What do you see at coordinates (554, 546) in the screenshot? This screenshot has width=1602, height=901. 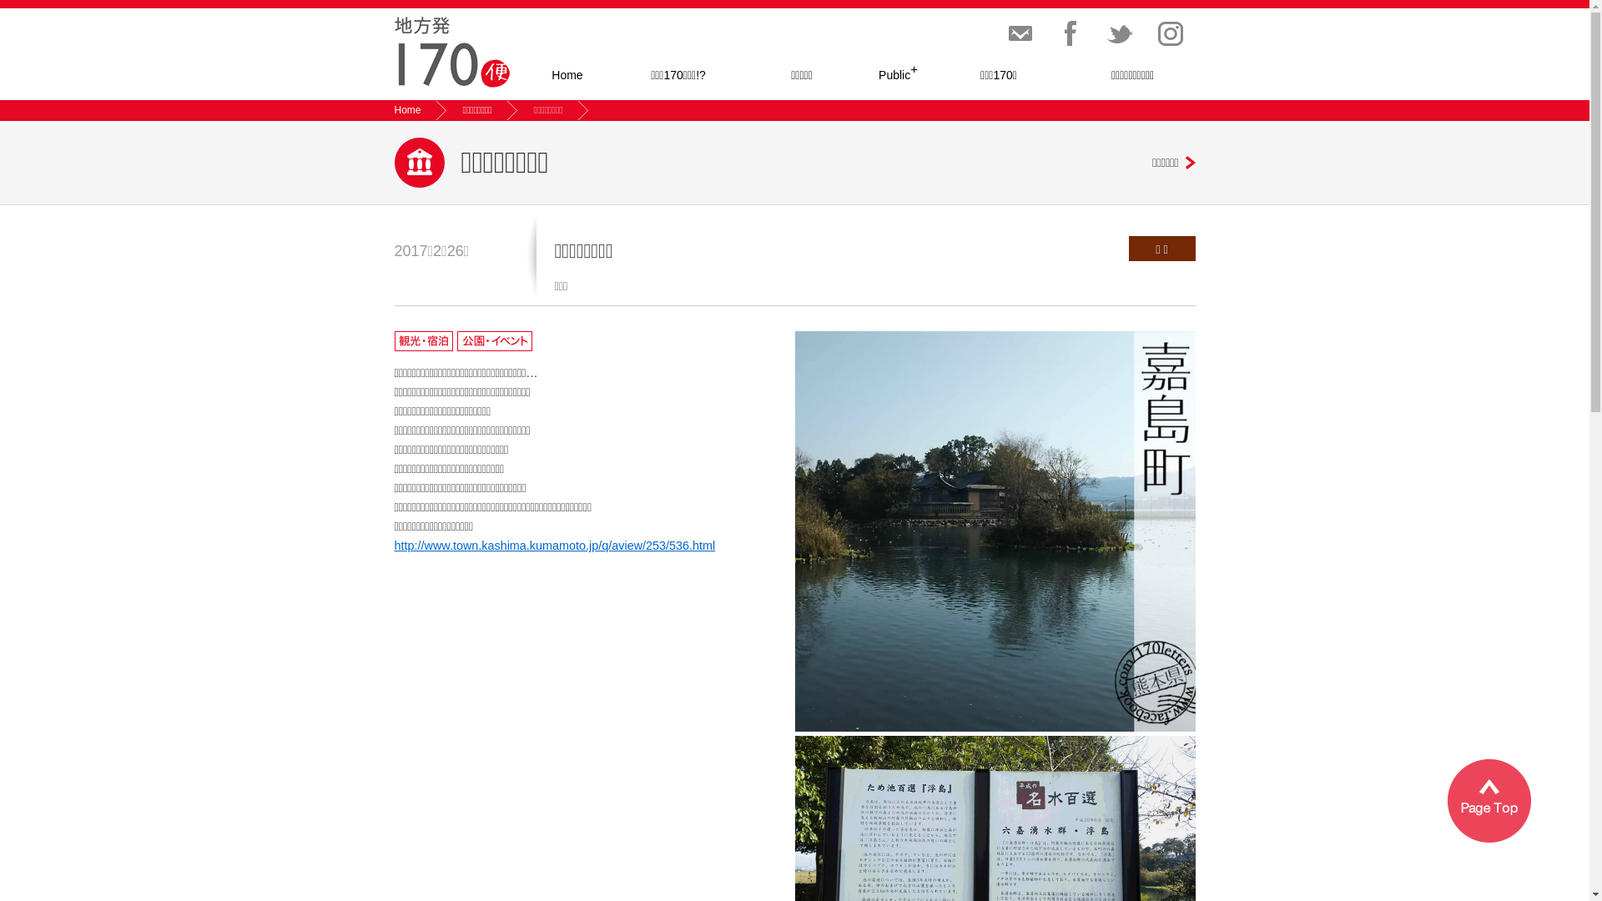 I see `'http://www.town.kashima.kumamoto.jp/q/aview/253/536.html'` at bounding box center [554, 546].